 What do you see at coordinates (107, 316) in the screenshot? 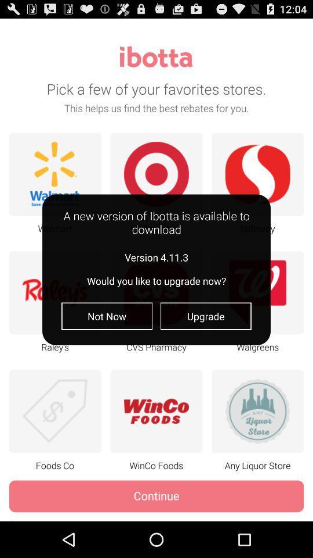
I see `the icon next to upgrade item` at bounding box center [107, 316].